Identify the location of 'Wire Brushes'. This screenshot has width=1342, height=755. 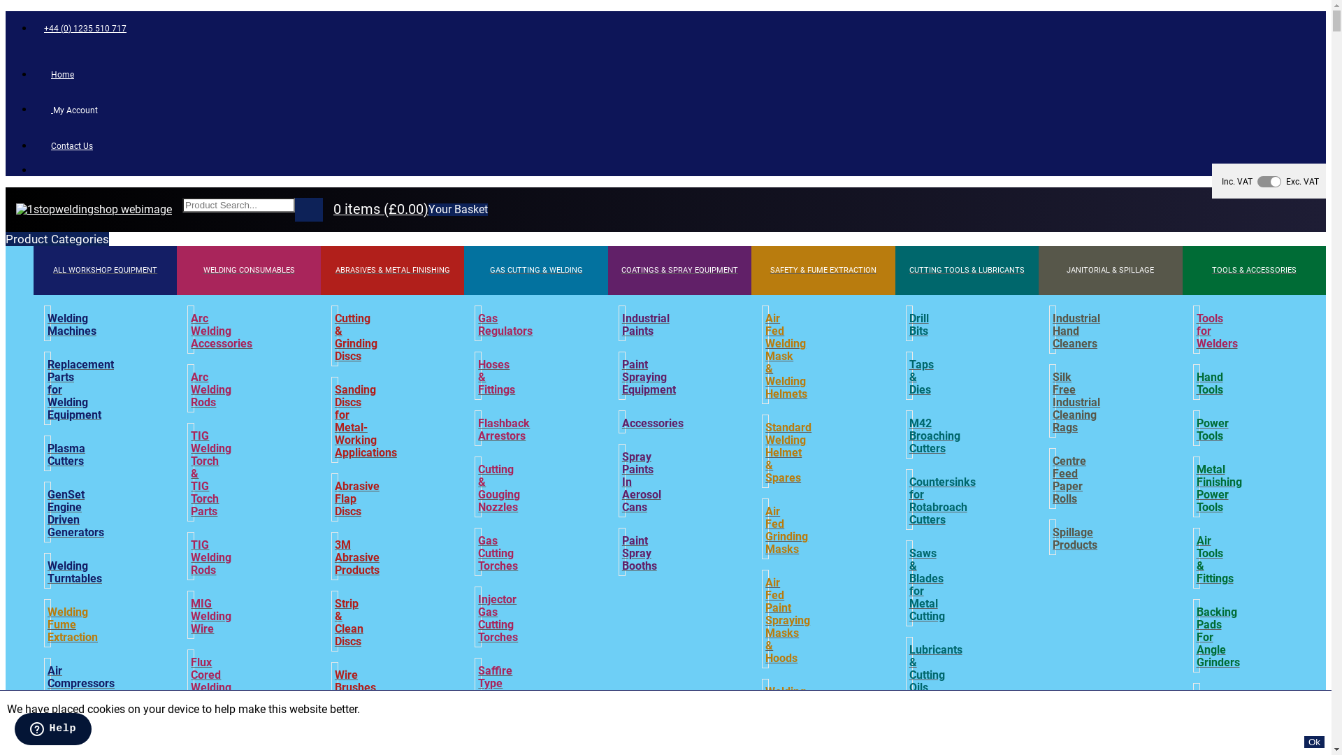
(355, 681).